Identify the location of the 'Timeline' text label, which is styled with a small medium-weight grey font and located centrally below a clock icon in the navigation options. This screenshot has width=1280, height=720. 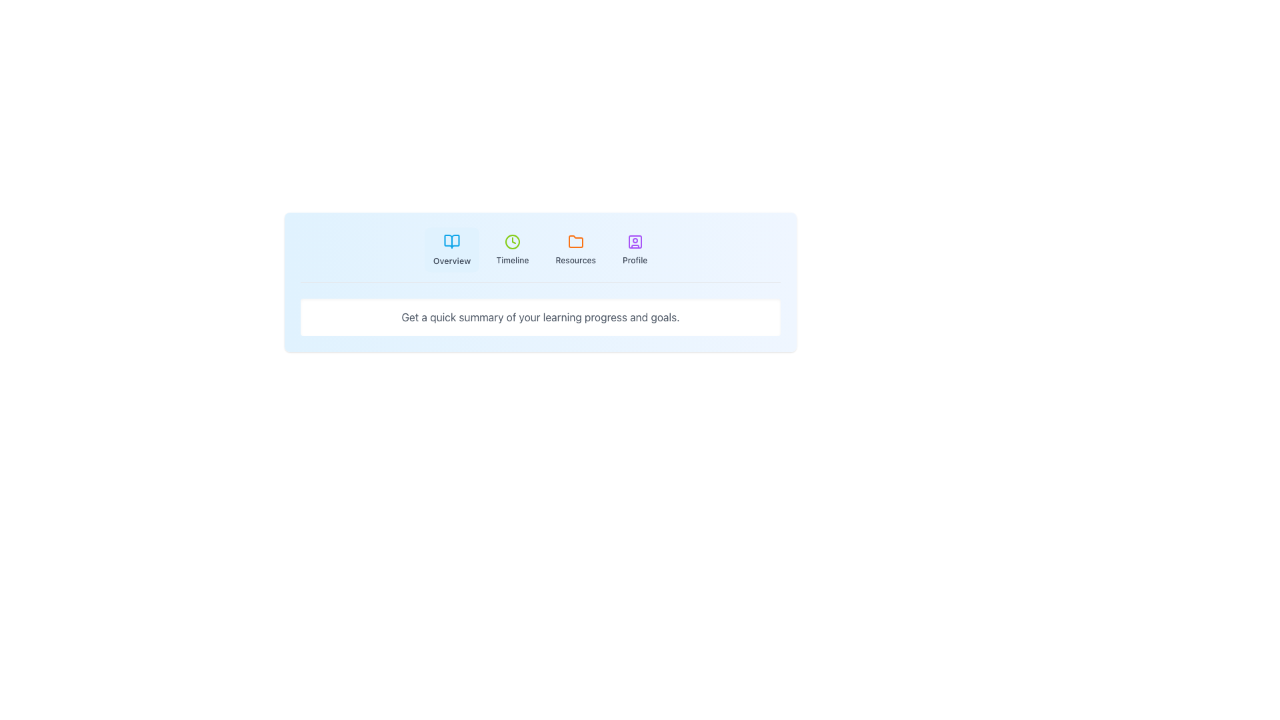
(511, 260).